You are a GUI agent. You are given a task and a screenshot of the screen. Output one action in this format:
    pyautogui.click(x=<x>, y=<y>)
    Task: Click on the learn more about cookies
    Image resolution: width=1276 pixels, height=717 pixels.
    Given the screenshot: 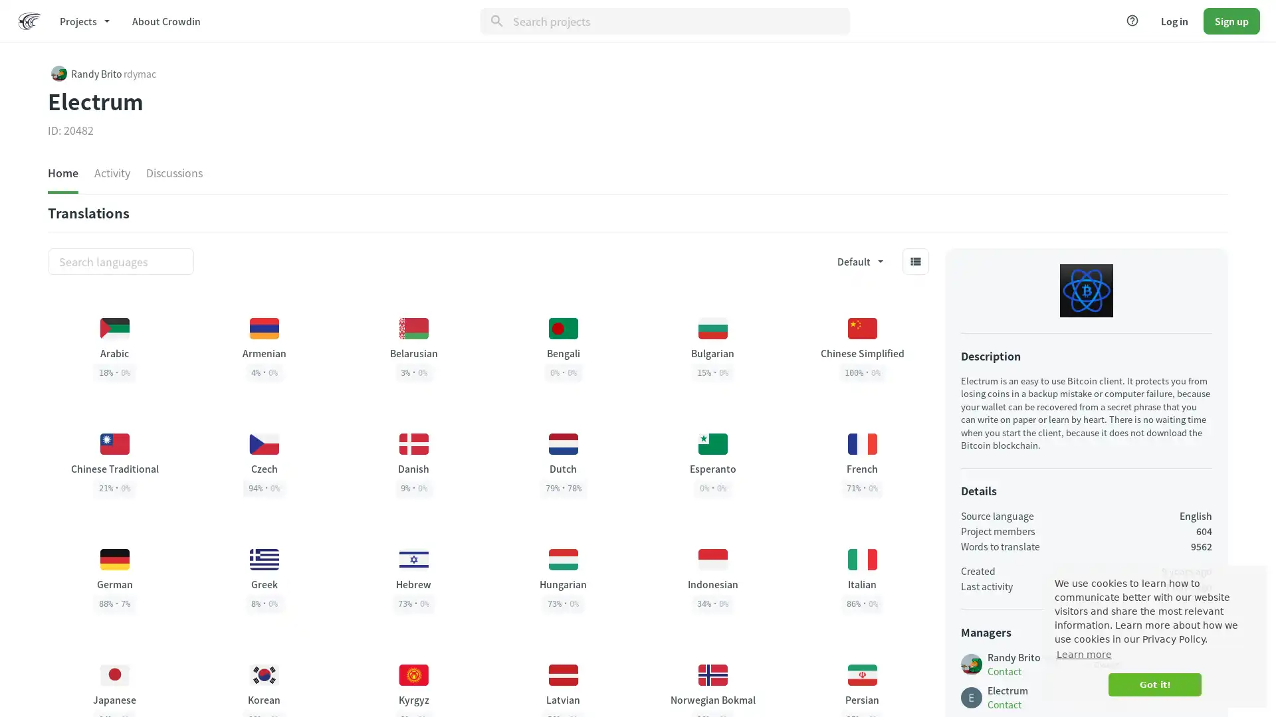 What is the action you would take?
    pyautogui.click(x=1083, y=654)
    